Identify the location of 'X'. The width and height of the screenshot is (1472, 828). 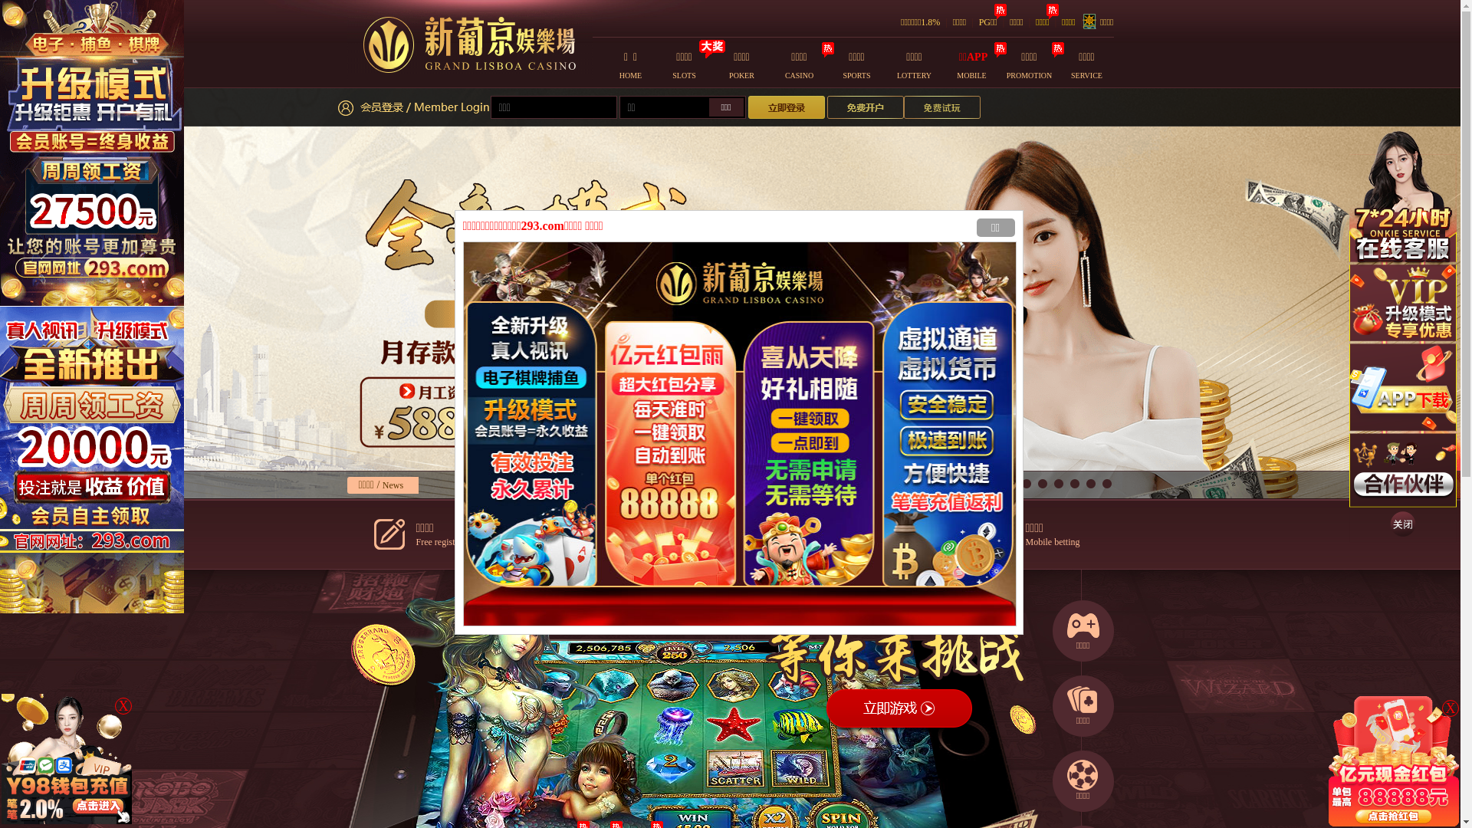
(1449, 708).